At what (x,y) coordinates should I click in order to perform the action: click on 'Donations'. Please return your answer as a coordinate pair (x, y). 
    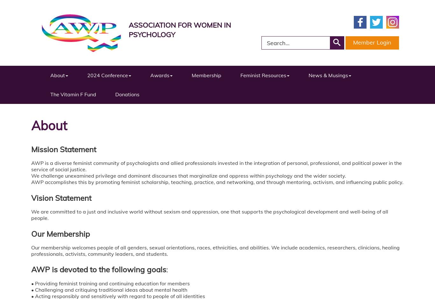
    Looking at the image, I should click on (127, 94).